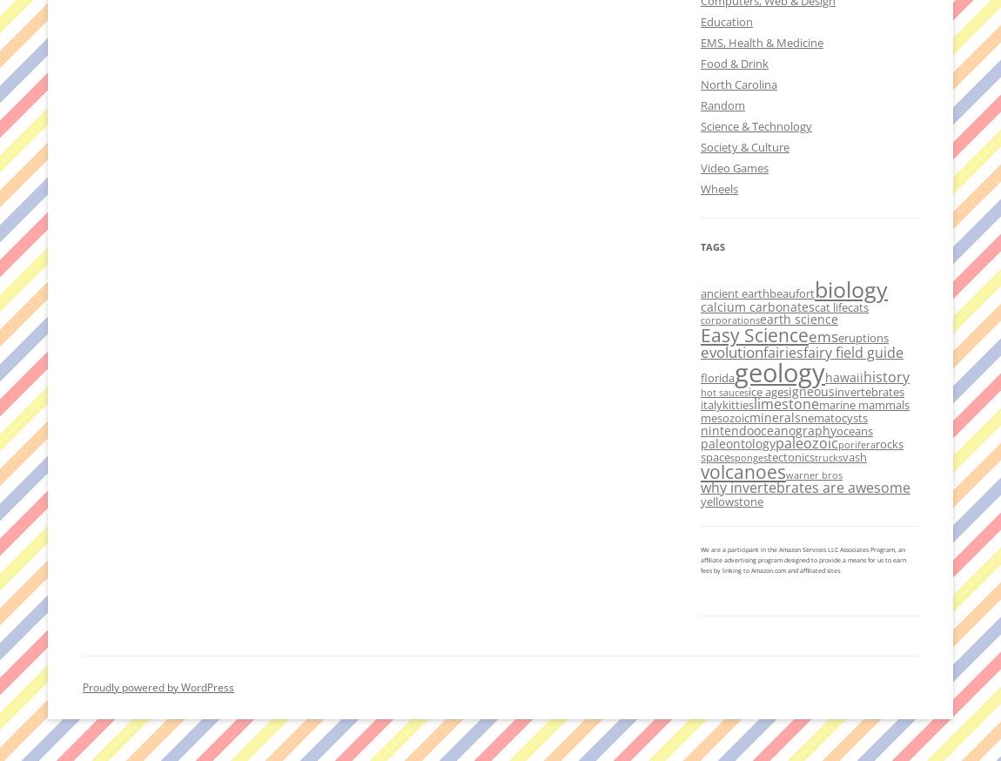 This screenshot has height=761, width=1001. I want to click on 'nintendo', so click(726, 428).